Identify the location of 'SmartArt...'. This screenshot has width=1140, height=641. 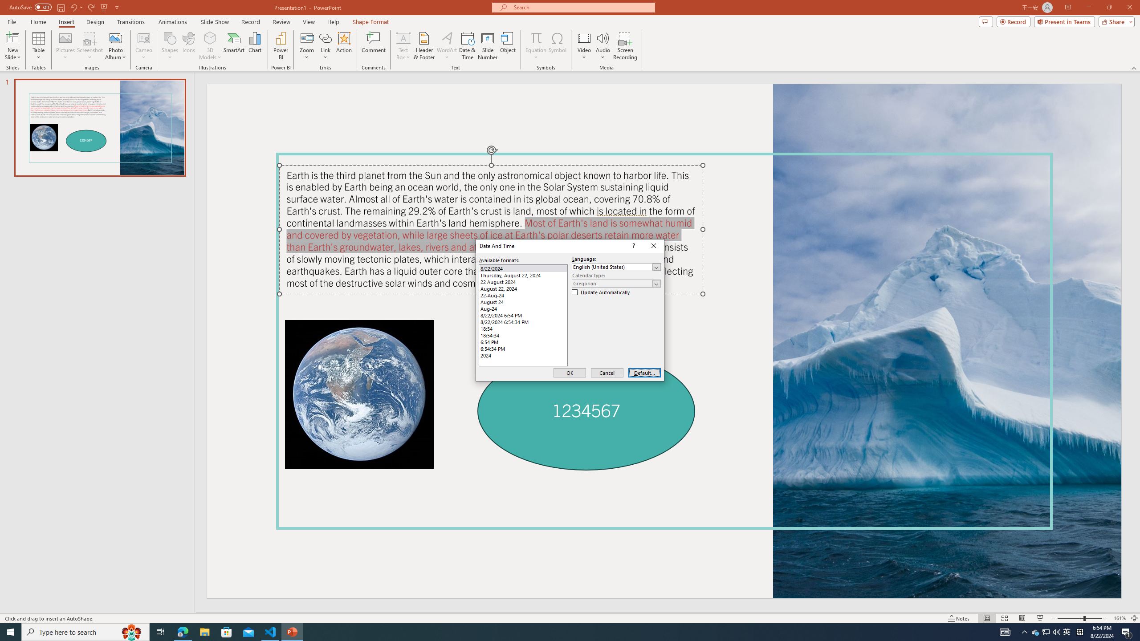
(234, 46).